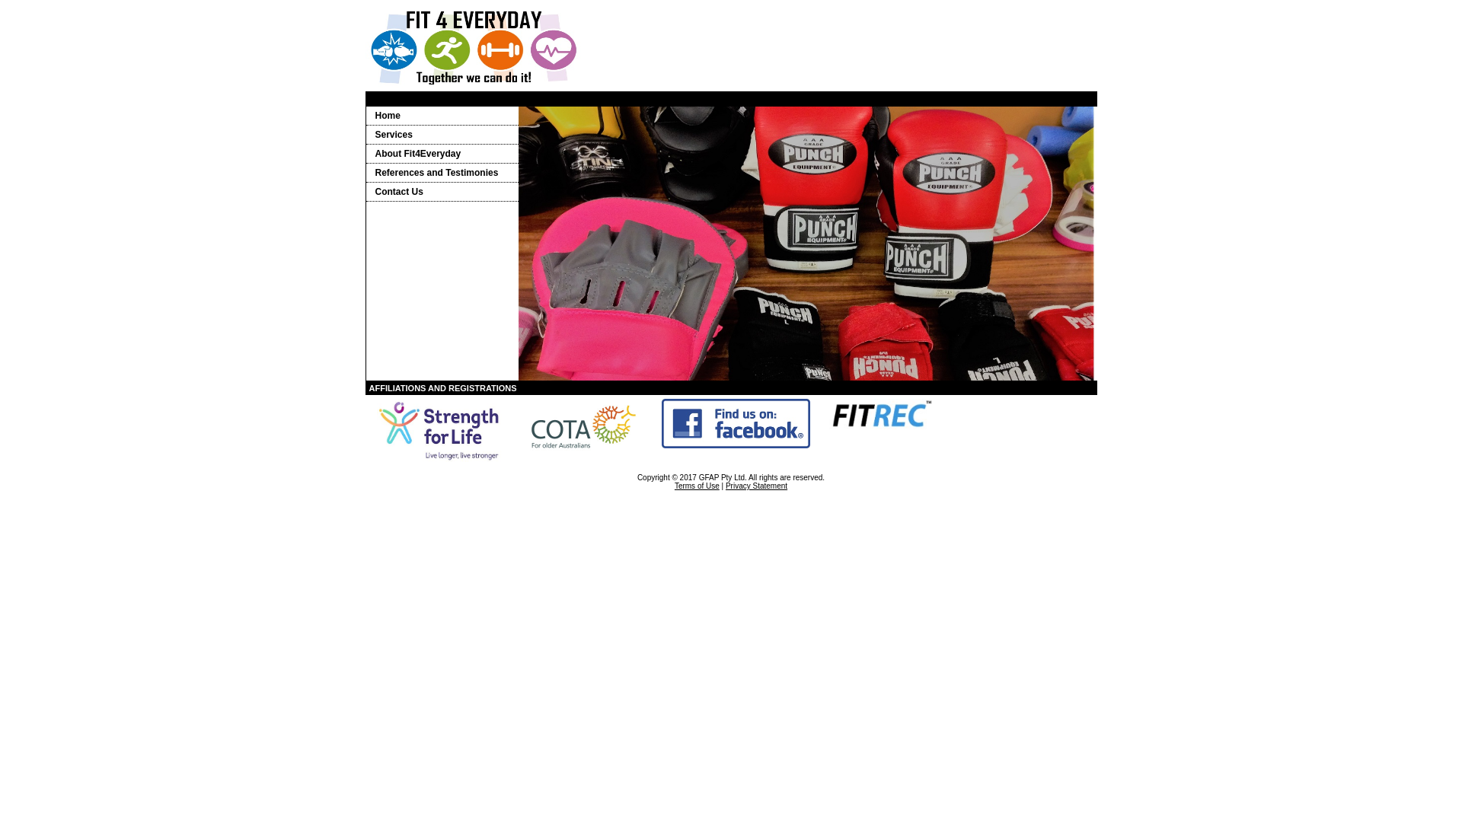 This screenshot has height=822, width=1462. Describe the element at coordinates (725, 486) in the screenshot. I see `'Privacy Statement'` at that location.